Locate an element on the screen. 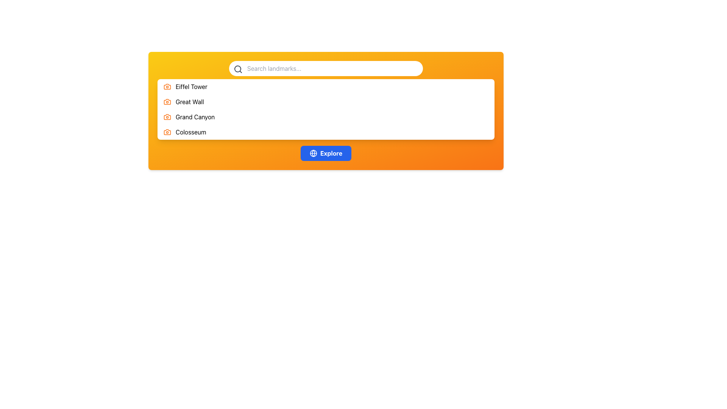 The height and width of the screenshot is (409, 727). the search bar located within an orange gradient box, which is centered horizontally and above a list of options and an 'Explore' button is located at coordinates (326, 69).